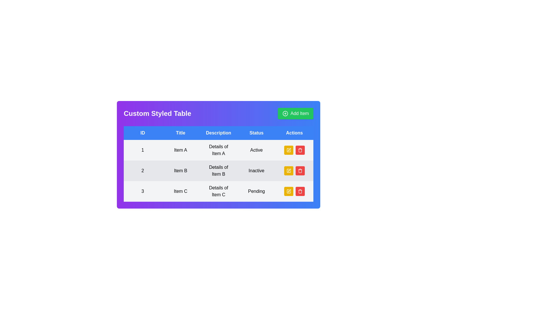 The width and height of the screenshot is (550, 309). Describe the element at coordinates (180, 191) in the screenshot. I see `the text cell titled 'Item C' in the second column of the third row of the 'Custom Styled Table'` at that location.